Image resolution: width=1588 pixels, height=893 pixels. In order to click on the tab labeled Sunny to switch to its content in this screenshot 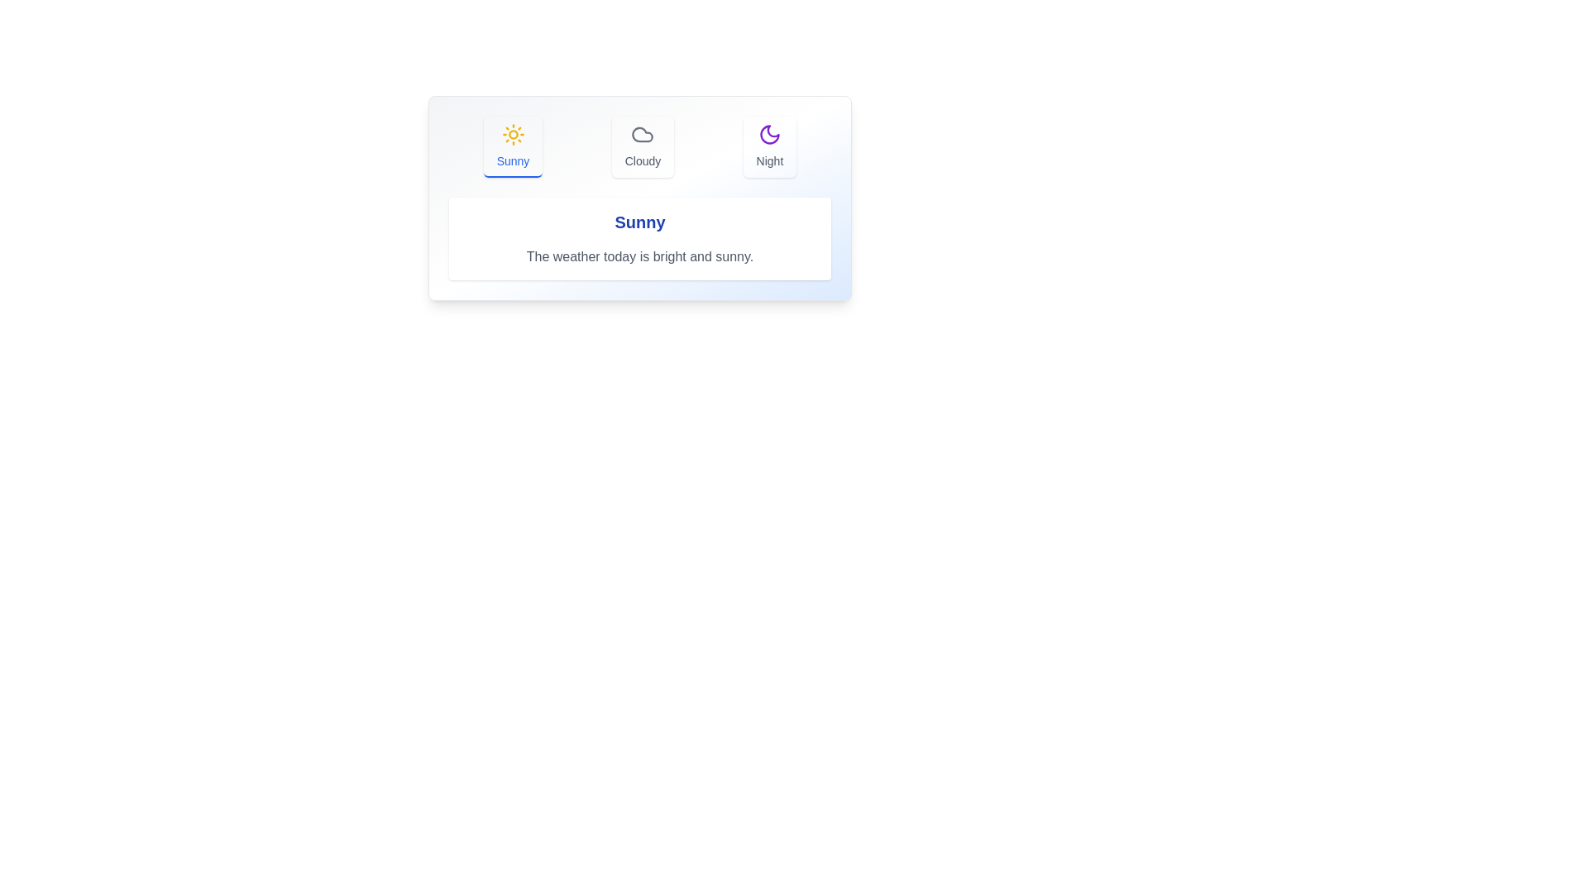, I will do `click(511, 146)`.